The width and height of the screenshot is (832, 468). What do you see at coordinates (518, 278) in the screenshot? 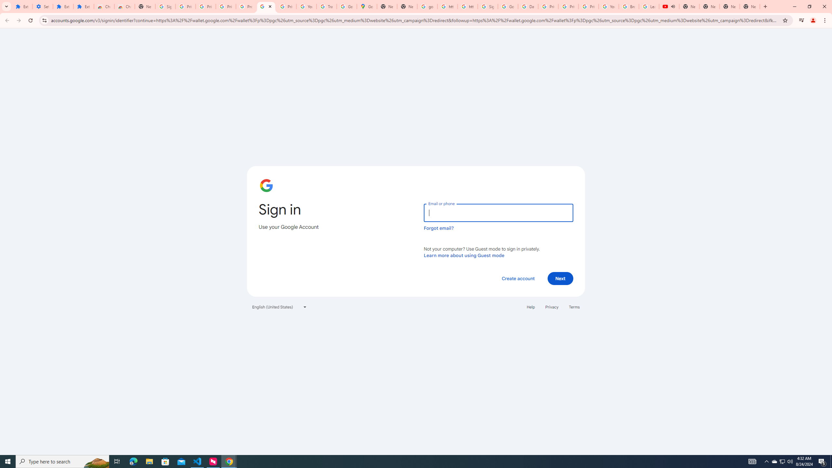
I see `'Create account'` at bounding box center [518, 278].